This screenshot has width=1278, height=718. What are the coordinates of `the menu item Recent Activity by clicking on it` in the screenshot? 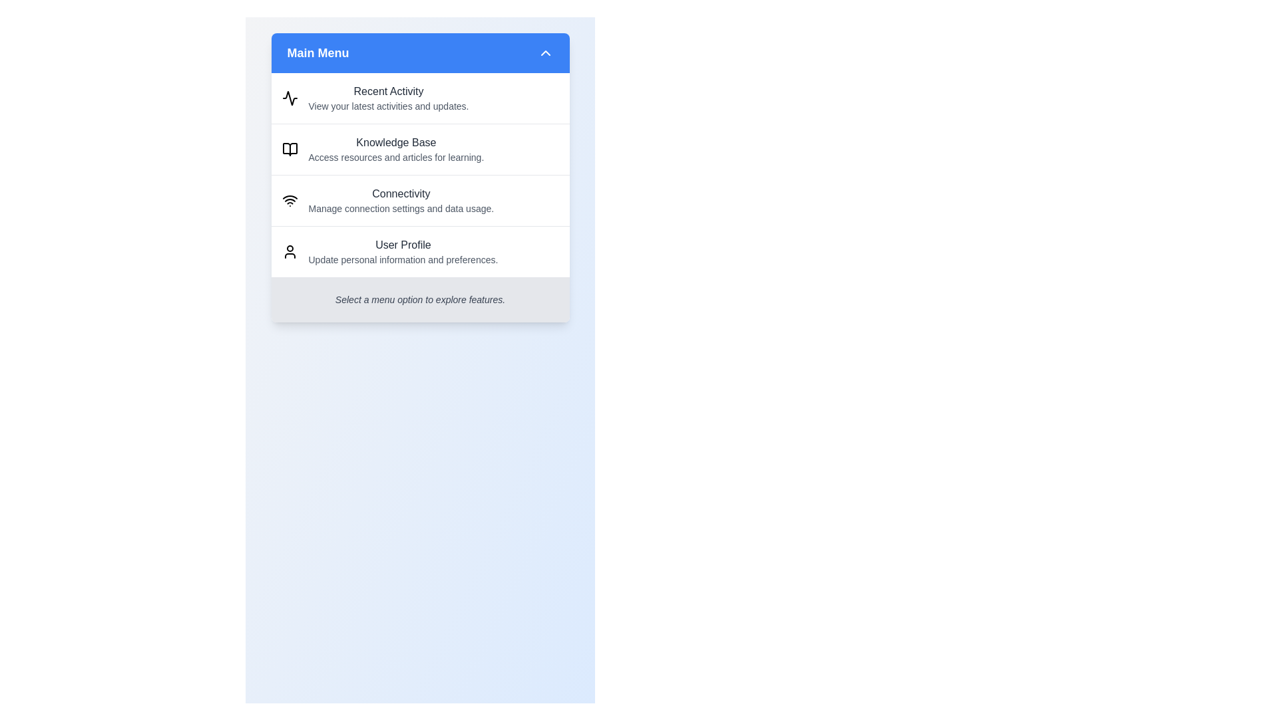 It's located at (419, 97).